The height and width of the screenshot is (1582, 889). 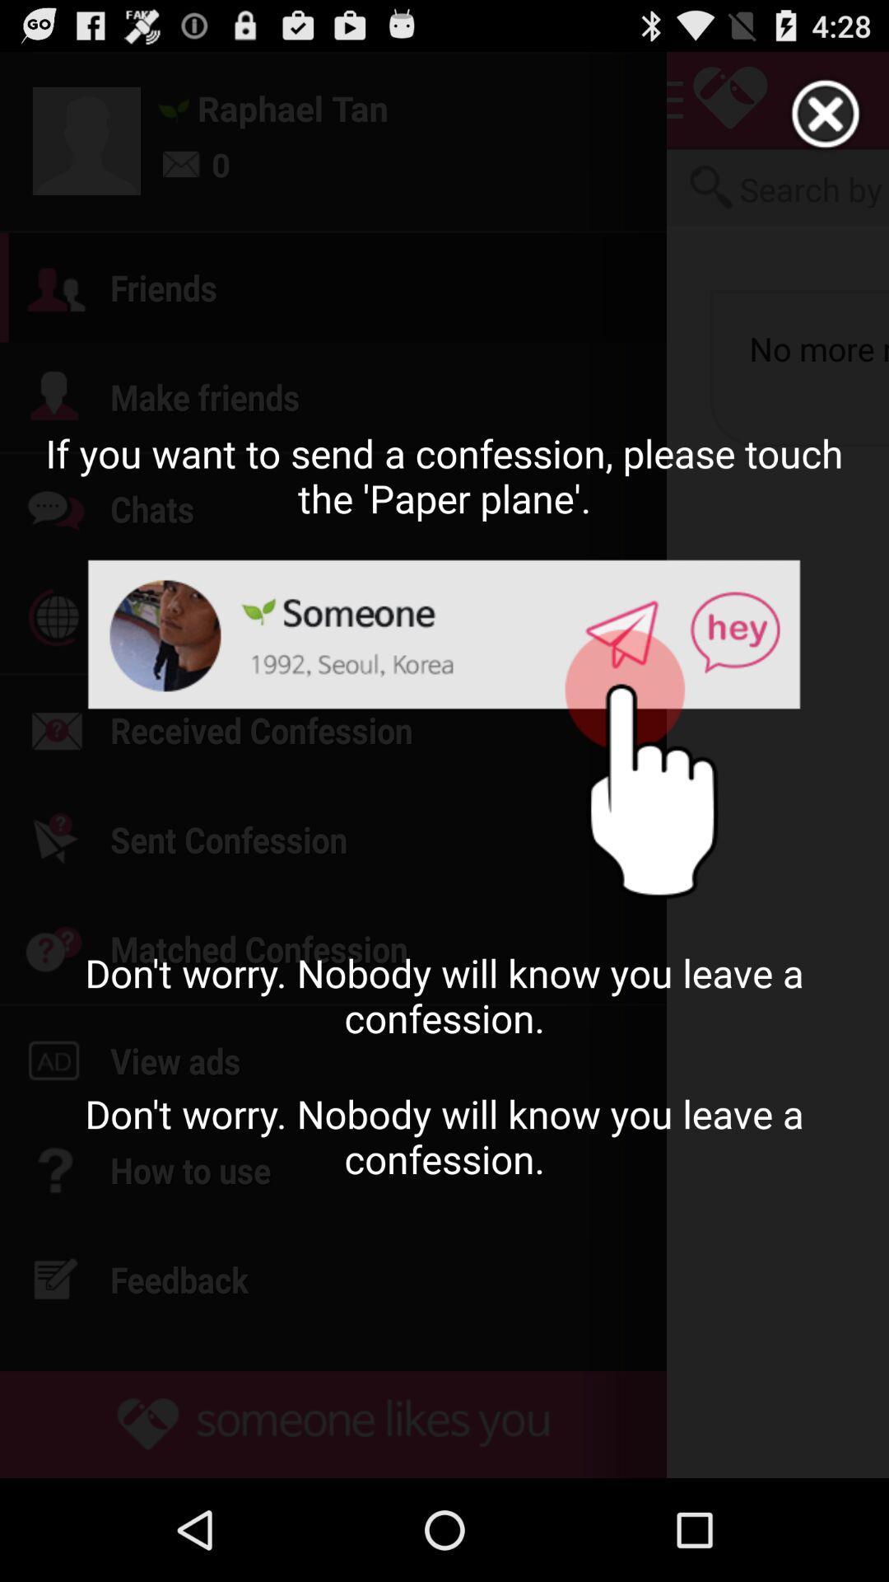 What do you see at coordinates (826, 114) in the screenshot?
I see `additional notes` at bounding box center [826, 114].